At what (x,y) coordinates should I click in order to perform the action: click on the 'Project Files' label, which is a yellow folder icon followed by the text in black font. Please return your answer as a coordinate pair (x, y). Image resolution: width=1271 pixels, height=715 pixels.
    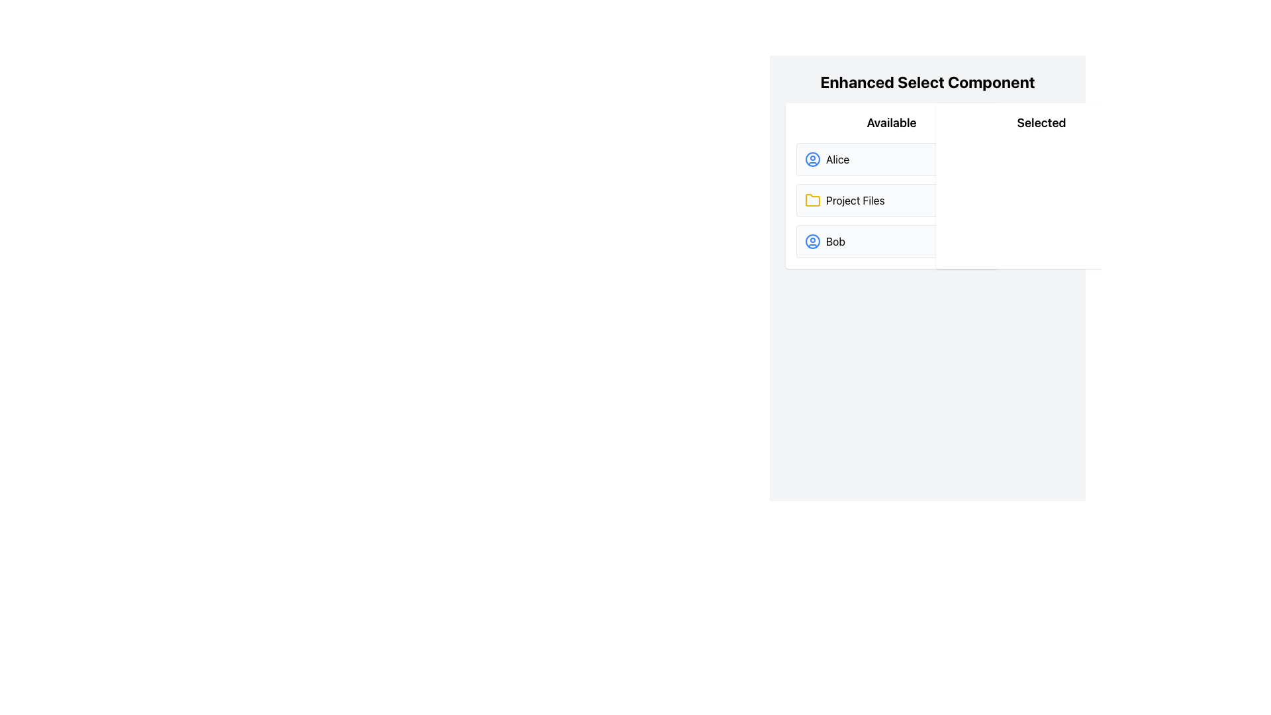
    Looking at the image, I should click on (844, 201).